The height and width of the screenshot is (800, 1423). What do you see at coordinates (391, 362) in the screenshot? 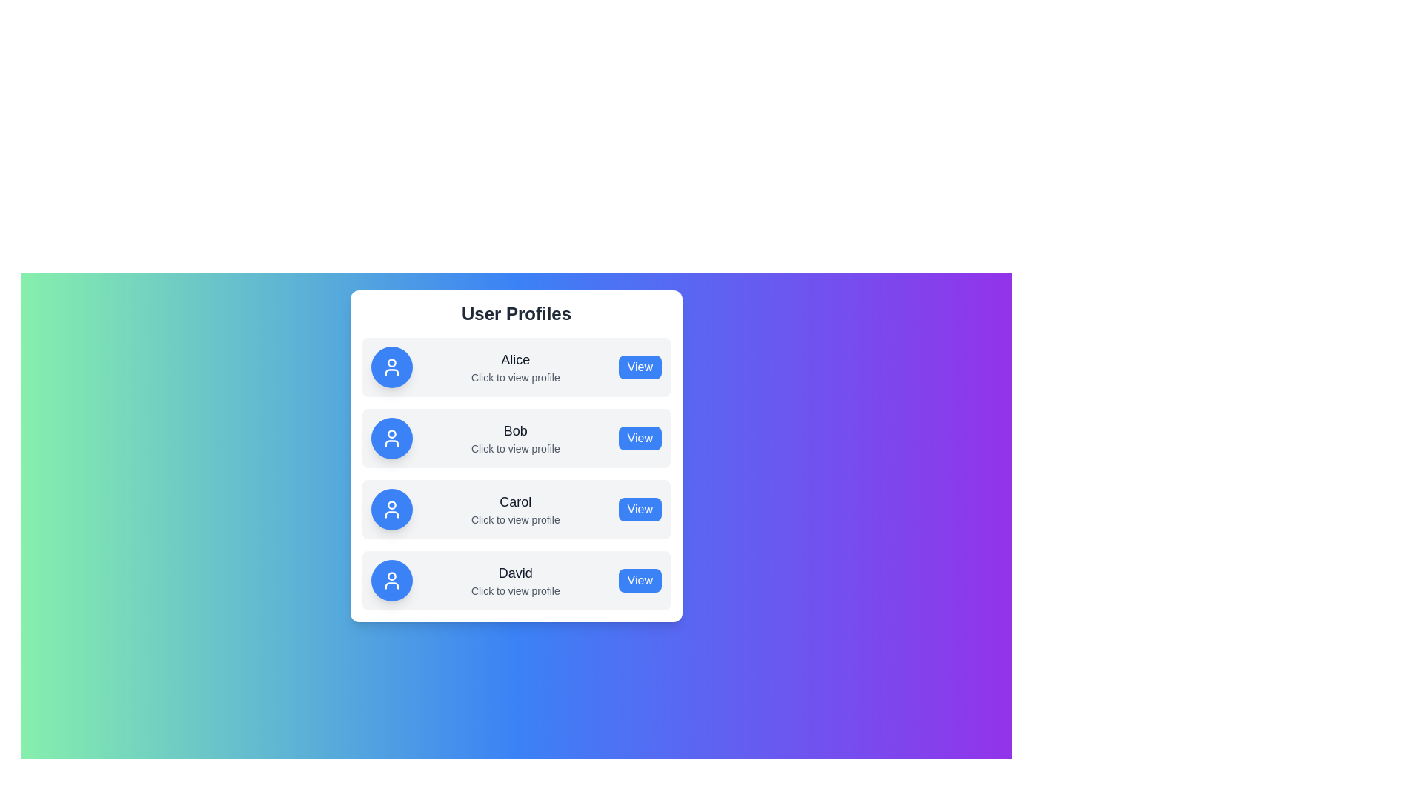
I see `the circular graphical component representing the head of the user icon for 'Alice' in the topmost profile card under 'User Profiles.'` at bounding box center [391, 362].